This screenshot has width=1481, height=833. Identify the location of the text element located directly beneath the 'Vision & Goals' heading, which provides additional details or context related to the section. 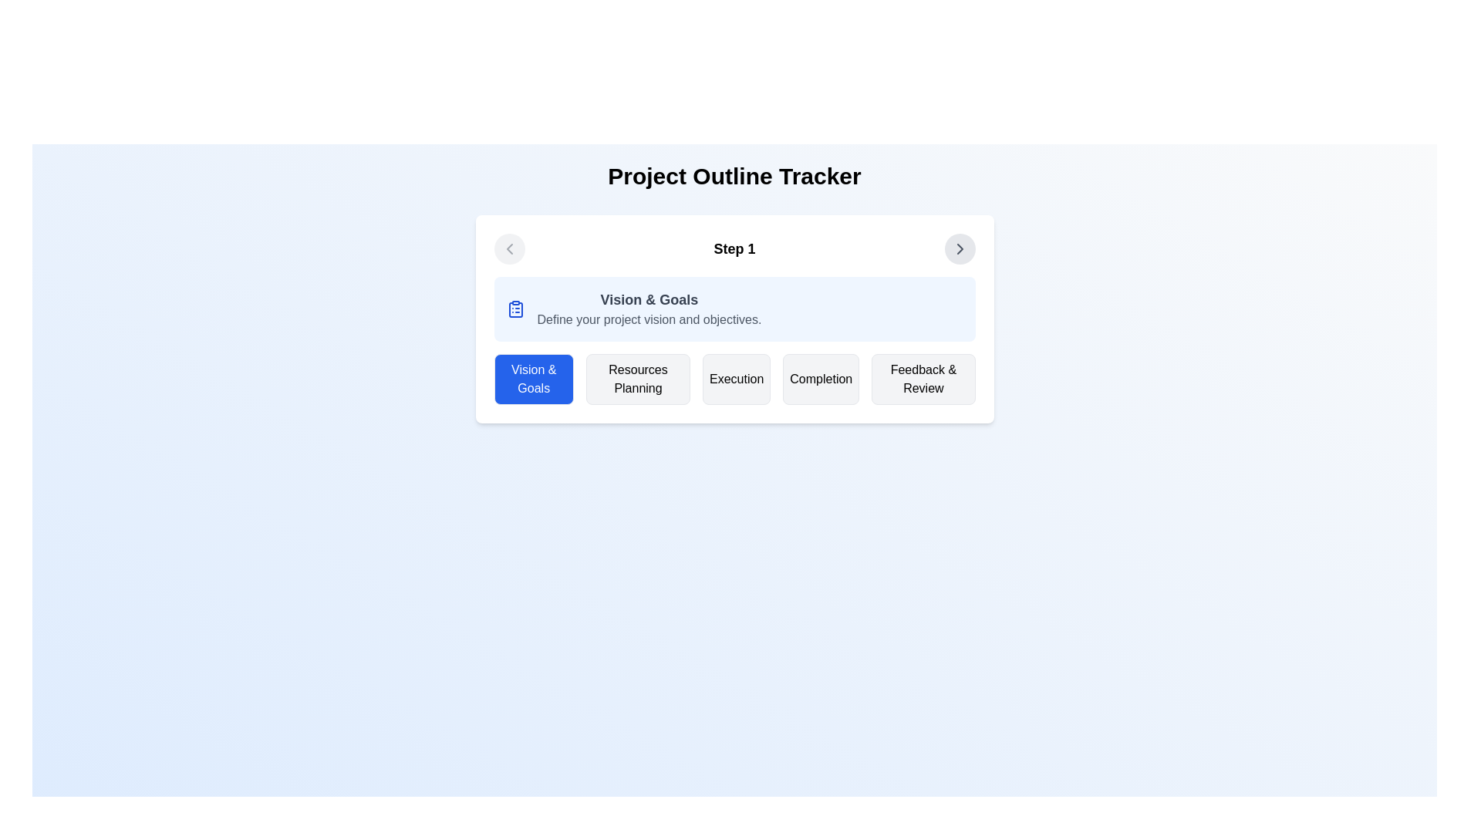
(649, 319).